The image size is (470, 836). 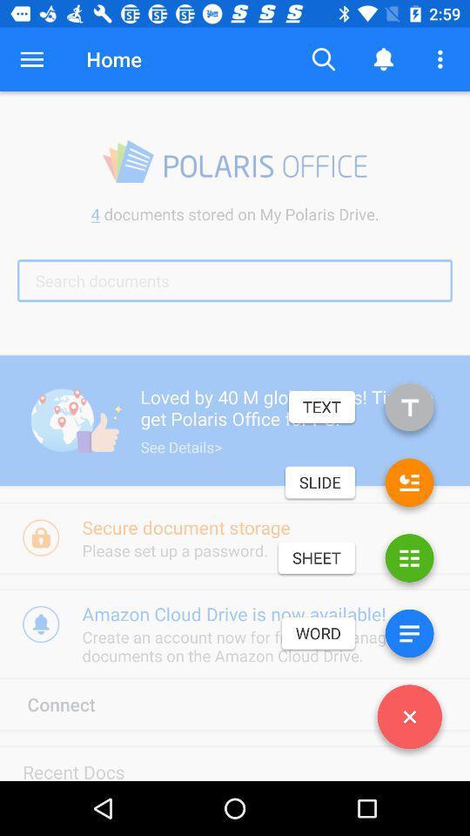 What do you see at coordinates (409, 720) in the screenshot?
I see `the close icon` at bounding box center [409, 720].